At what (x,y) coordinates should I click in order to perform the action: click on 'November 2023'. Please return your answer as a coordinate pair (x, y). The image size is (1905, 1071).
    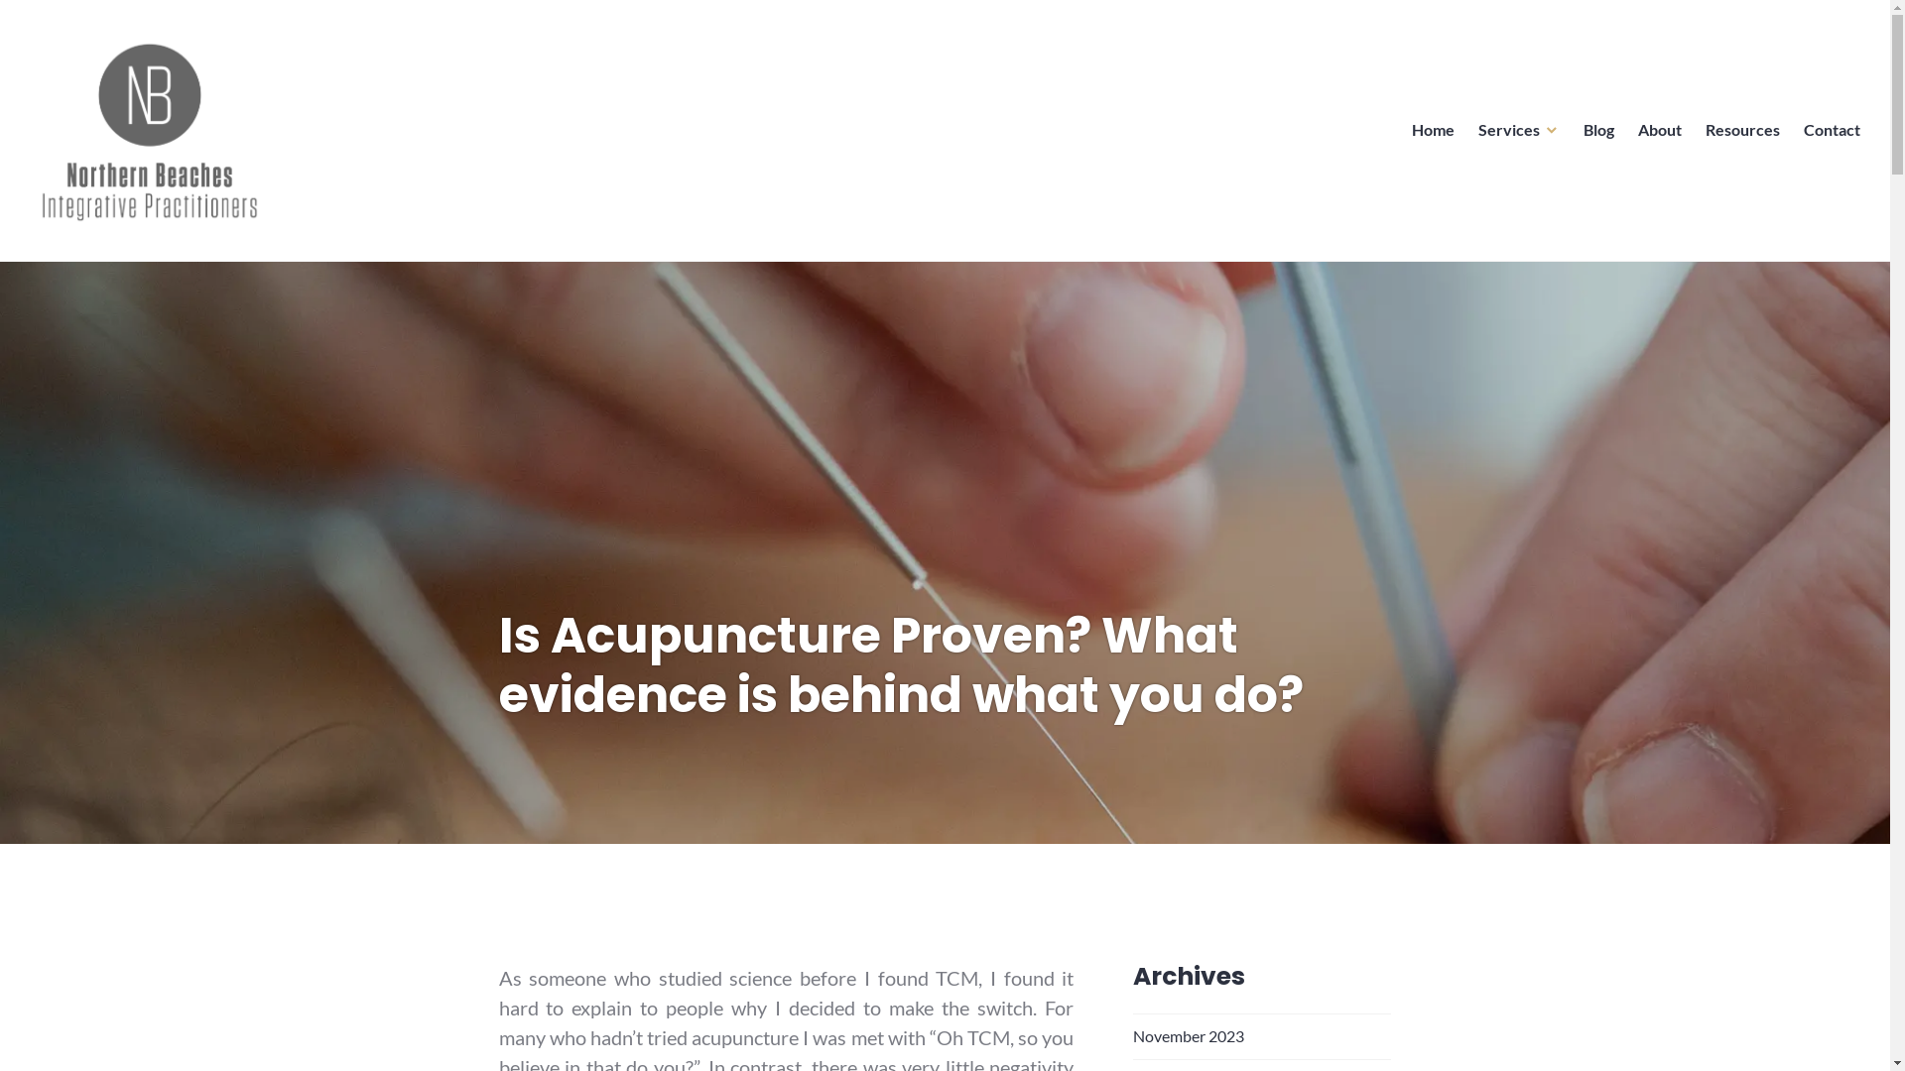
    Looking at the image, I should click on (1133, 1034).